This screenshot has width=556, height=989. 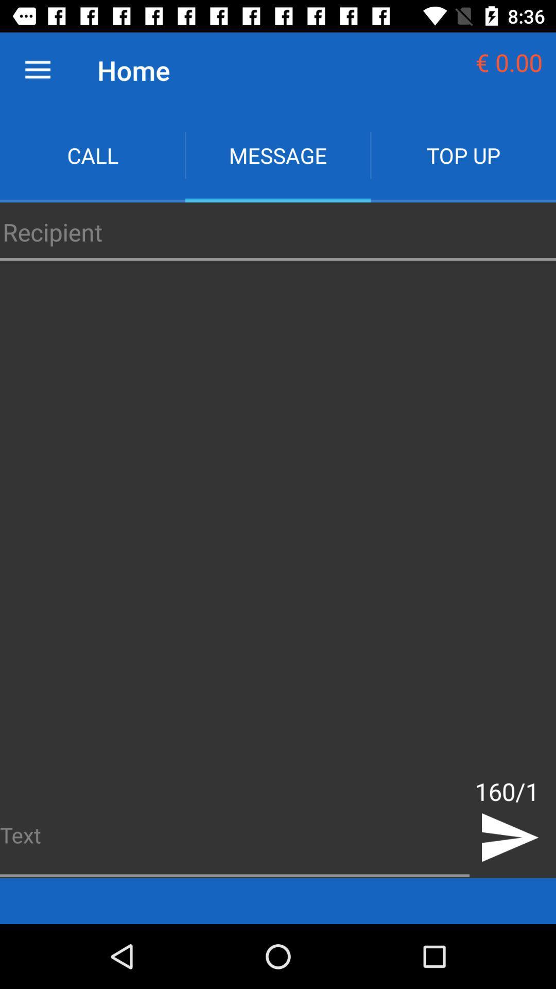 What do you see at coordinates (462, 155) in the screenshot?
I see `icon next to the message item` at bounding box center [462, 155].